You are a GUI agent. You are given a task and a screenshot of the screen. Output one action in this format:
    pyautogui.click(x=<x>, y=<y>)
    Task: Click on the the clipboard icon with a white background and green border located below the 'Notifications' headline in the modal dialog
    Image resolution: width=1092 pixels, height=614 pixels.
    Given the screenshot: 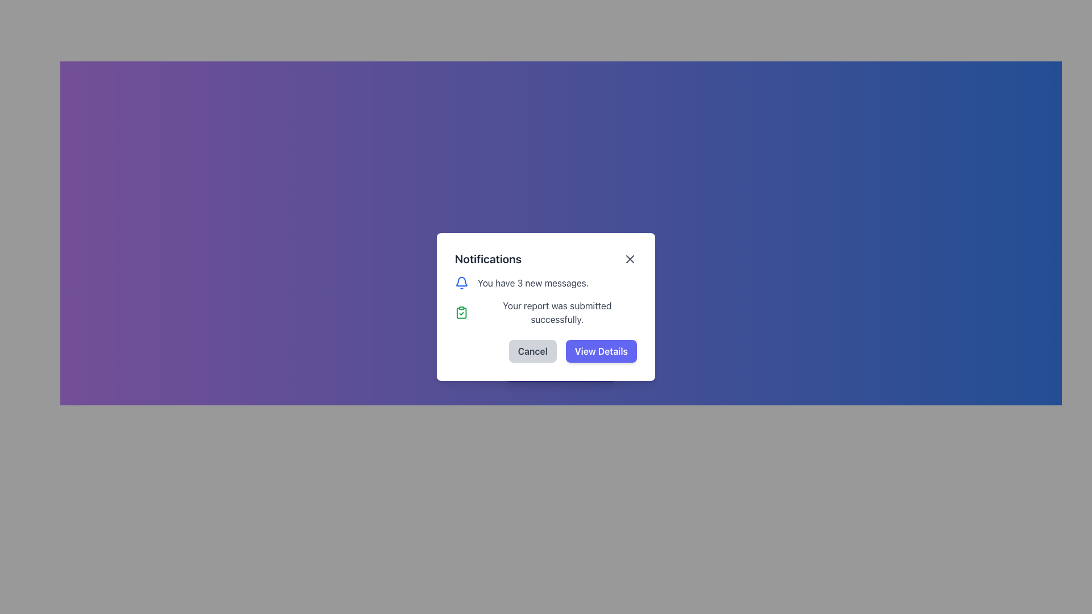 What is the action you would take?
    pyautogui.click(x=461, y=313)
    